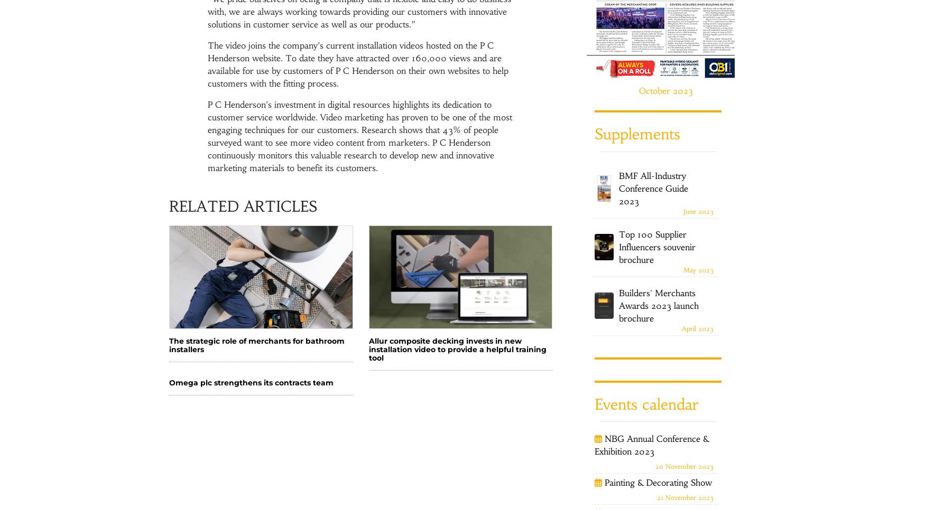 The image size is (925, 510). What do you see at coordinates (652, 445) in the screenshot?
I see `'NBG Annual Conference & Exhibition 2023'` at bounding box center [652, 445].